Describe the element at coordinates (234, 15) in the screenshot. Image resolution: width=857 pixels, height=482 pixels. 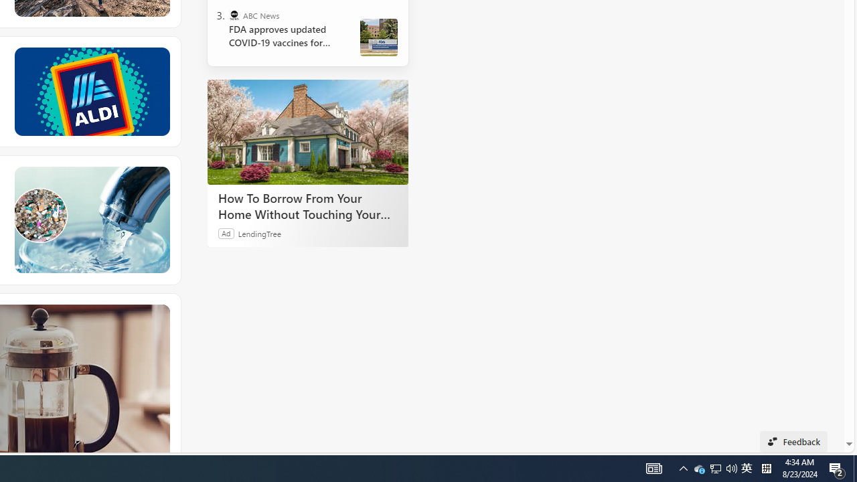
I see `'ABC News'` at that location.